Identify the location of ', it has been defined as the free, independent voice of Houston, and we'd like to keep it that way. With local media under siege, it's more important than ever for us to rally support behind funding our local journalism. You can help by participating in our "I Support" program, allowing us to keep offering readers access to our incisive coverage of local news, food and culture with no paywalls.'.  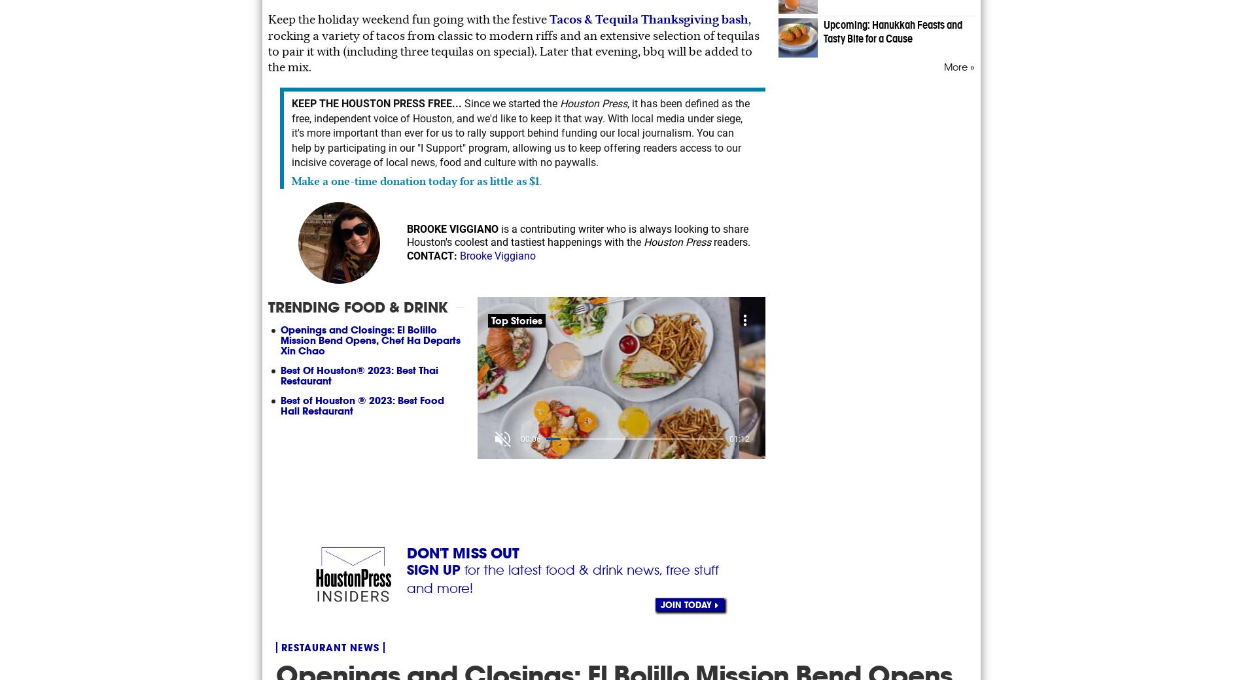
(519, 133).